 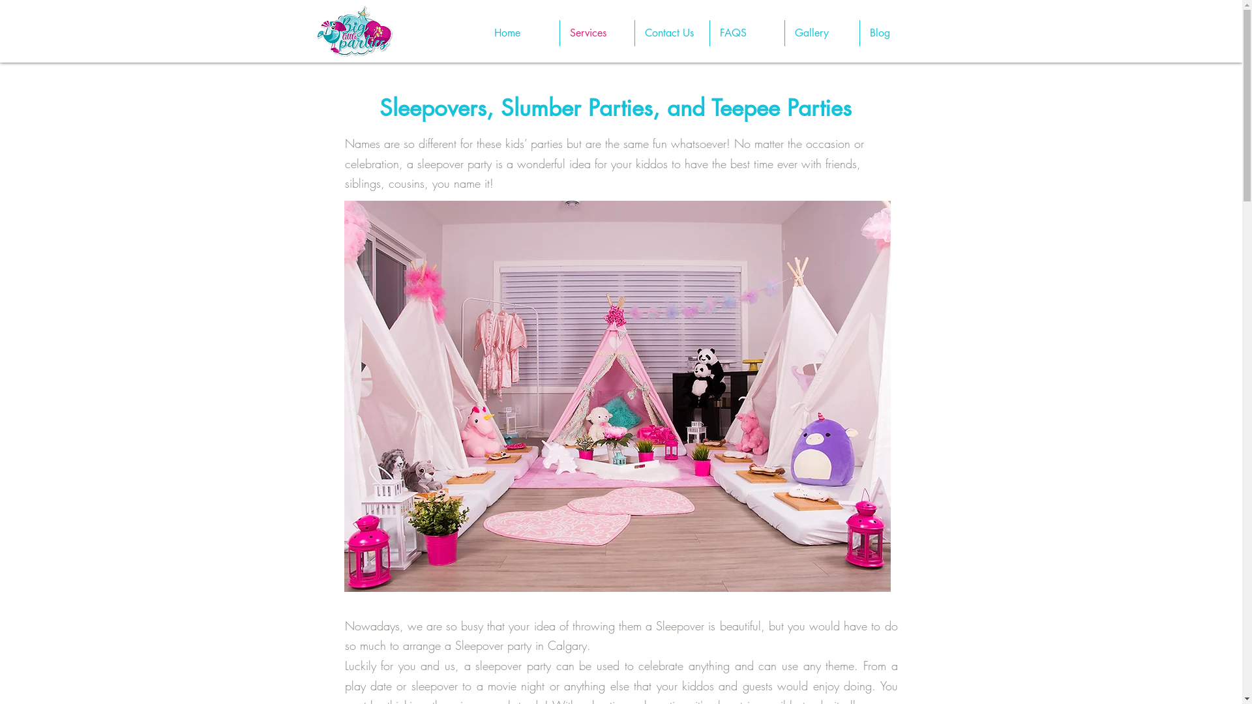 What do you see at coordinates (859, 32) in the screenshot?
I see `'Blog'` at bounding box center [859, 32].